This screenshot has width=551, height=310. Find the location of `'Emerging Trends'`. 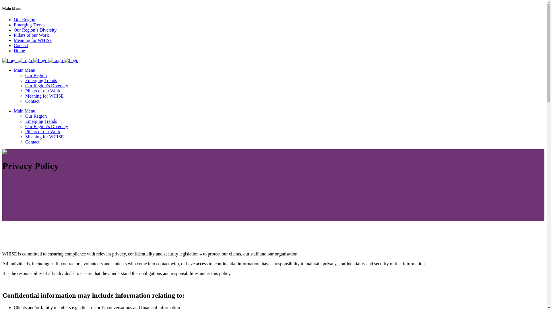

'Emerging Trends' is located at coordinates (25, 80).